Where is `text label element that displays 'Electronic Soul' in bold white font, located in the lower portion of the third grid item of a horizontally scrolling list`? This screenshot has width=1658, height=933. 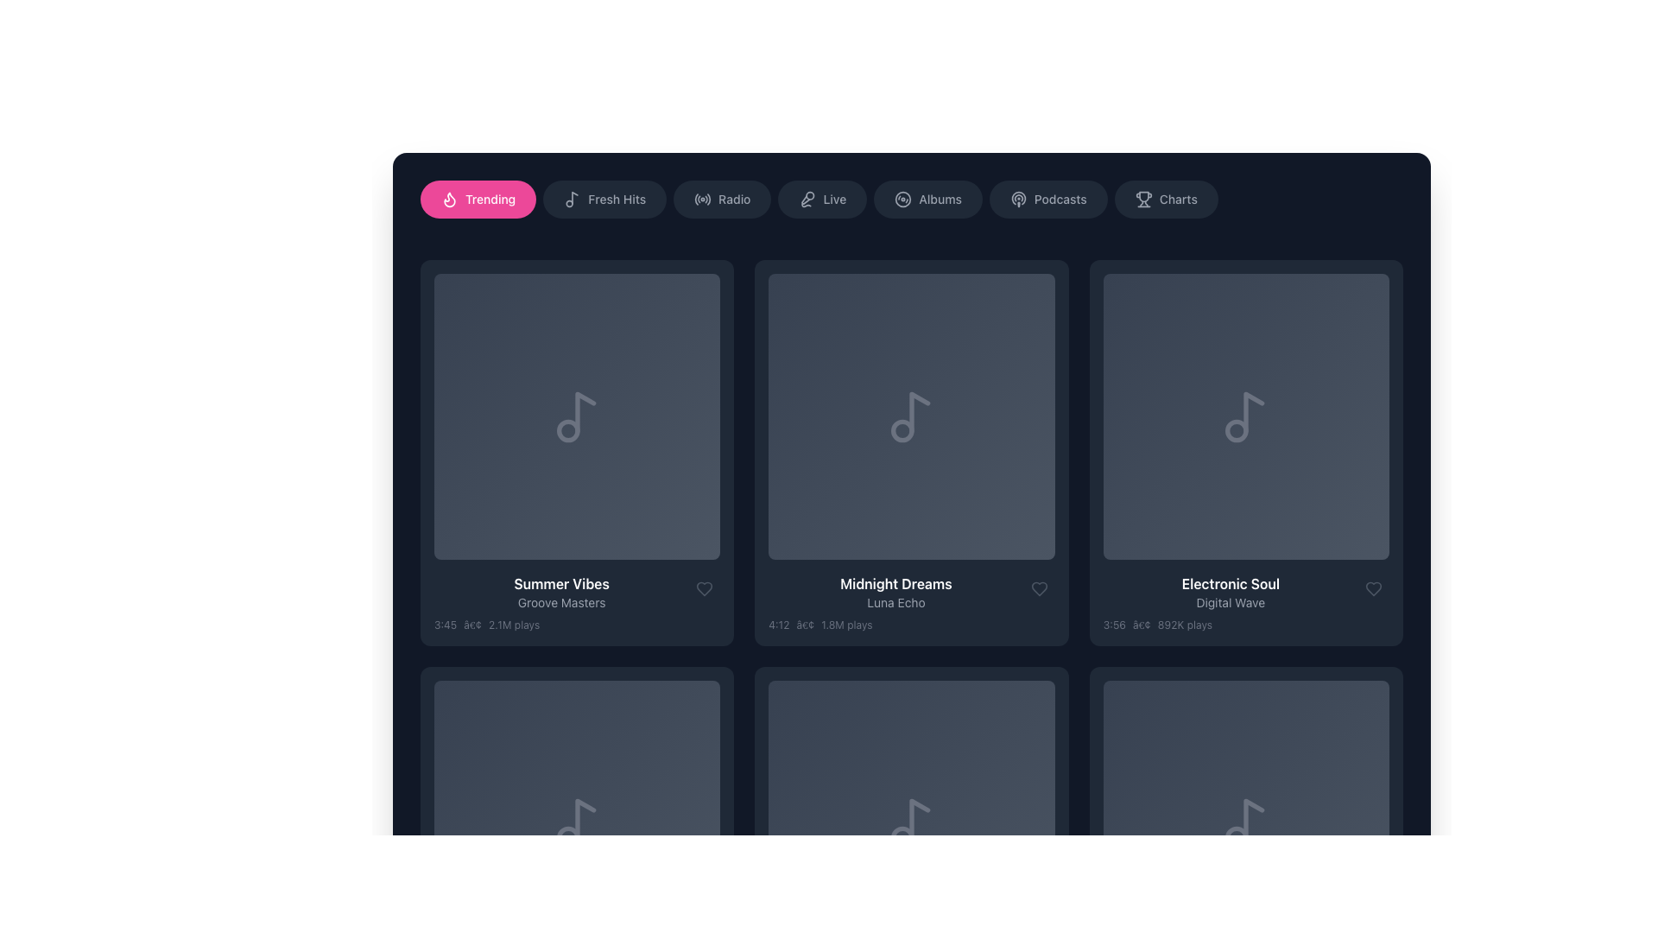
text label element that displays 'Electronic Soul' in bold white font, located in the lower portion of the third grid item of a horizontally scrolling list is located at coordinates (1230, 583).